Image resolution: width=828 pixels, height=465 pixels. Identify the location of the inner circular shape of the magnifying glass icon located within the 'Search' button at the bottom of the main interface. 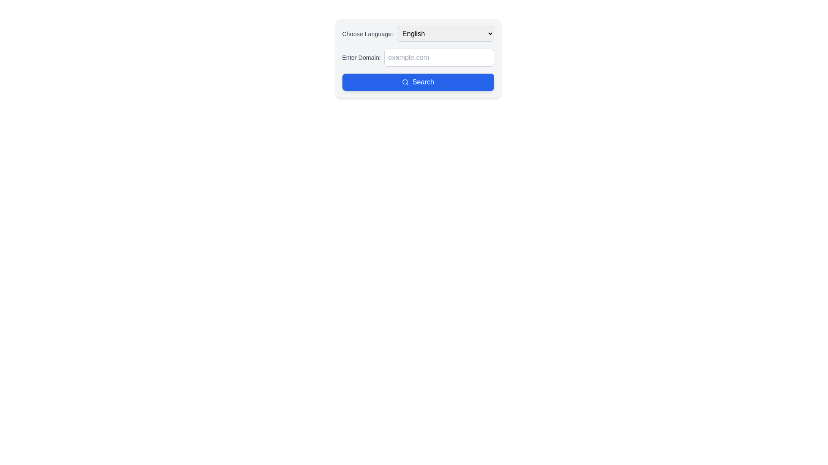
(405, 82).